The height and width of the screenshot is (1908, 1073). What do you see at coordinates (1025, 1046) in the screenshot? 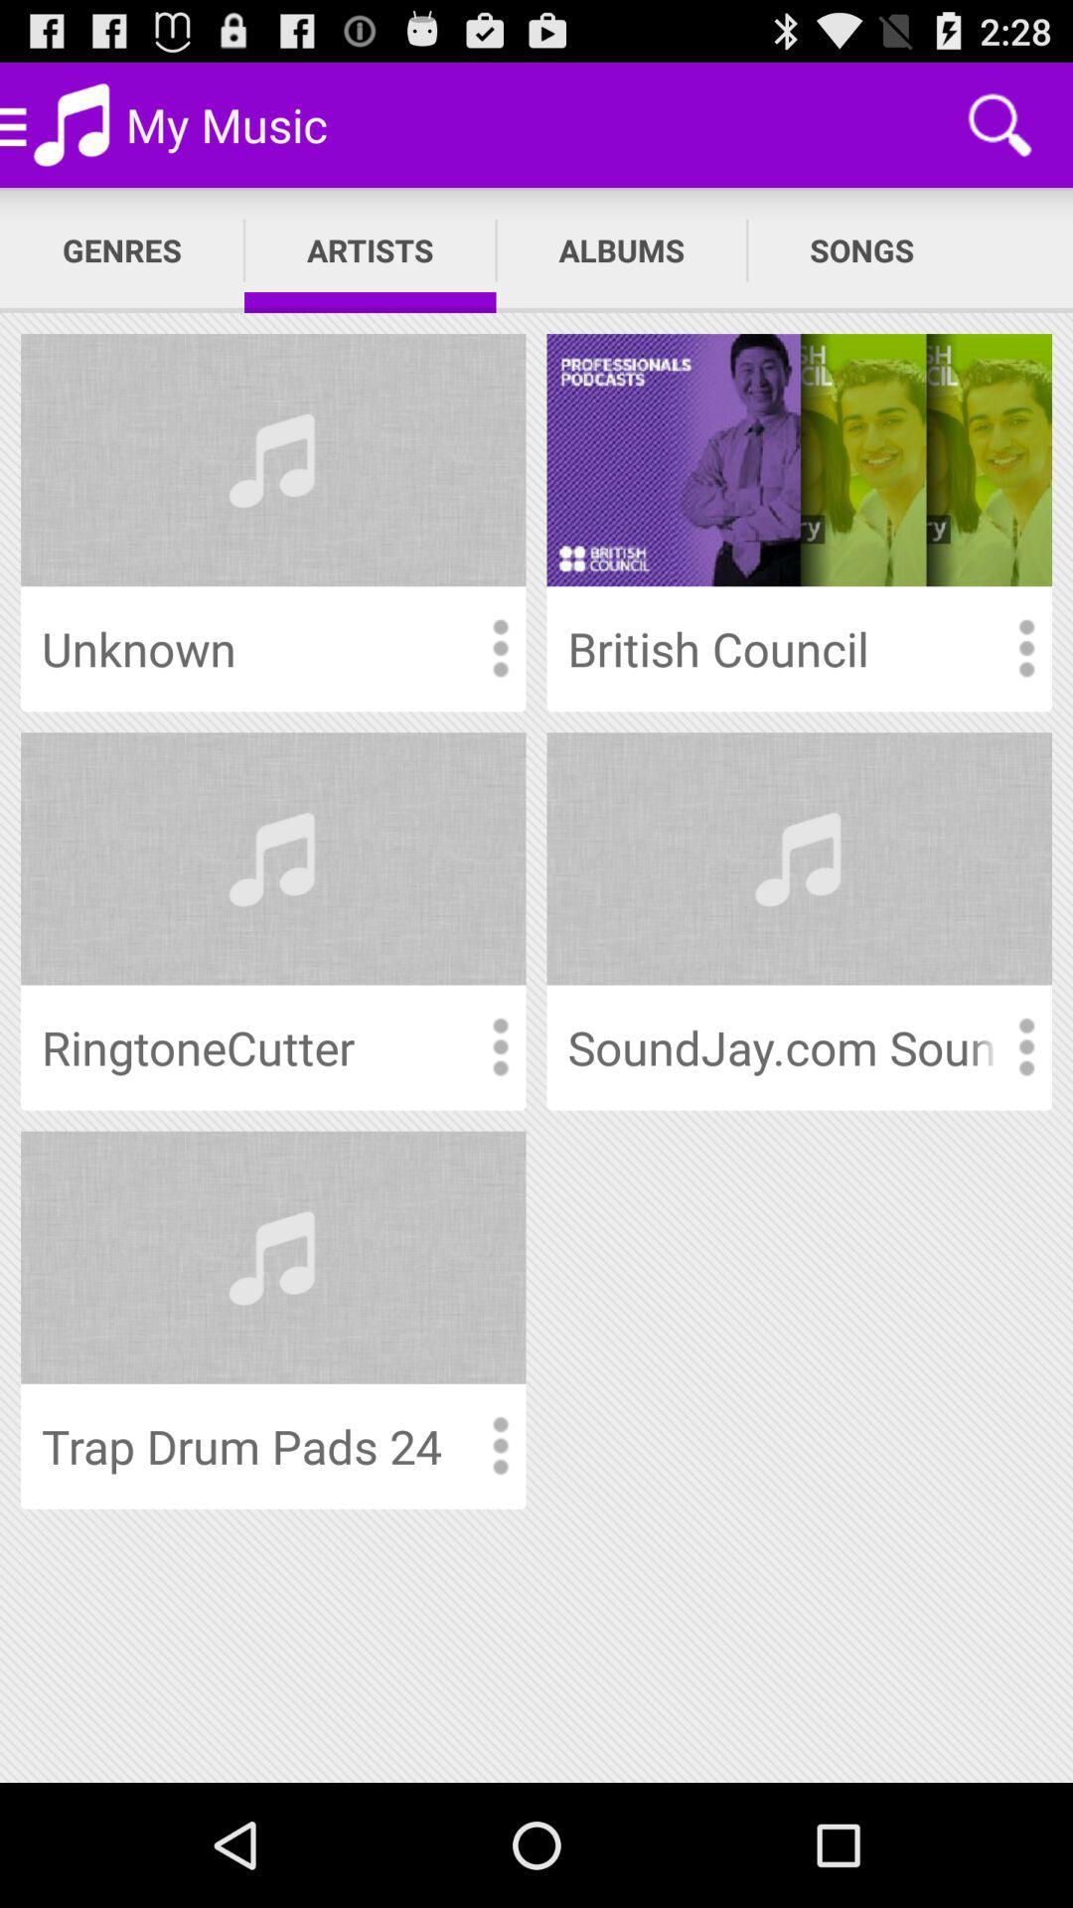
I see `see more options from this artist` at bounding box center [1025, 1046].